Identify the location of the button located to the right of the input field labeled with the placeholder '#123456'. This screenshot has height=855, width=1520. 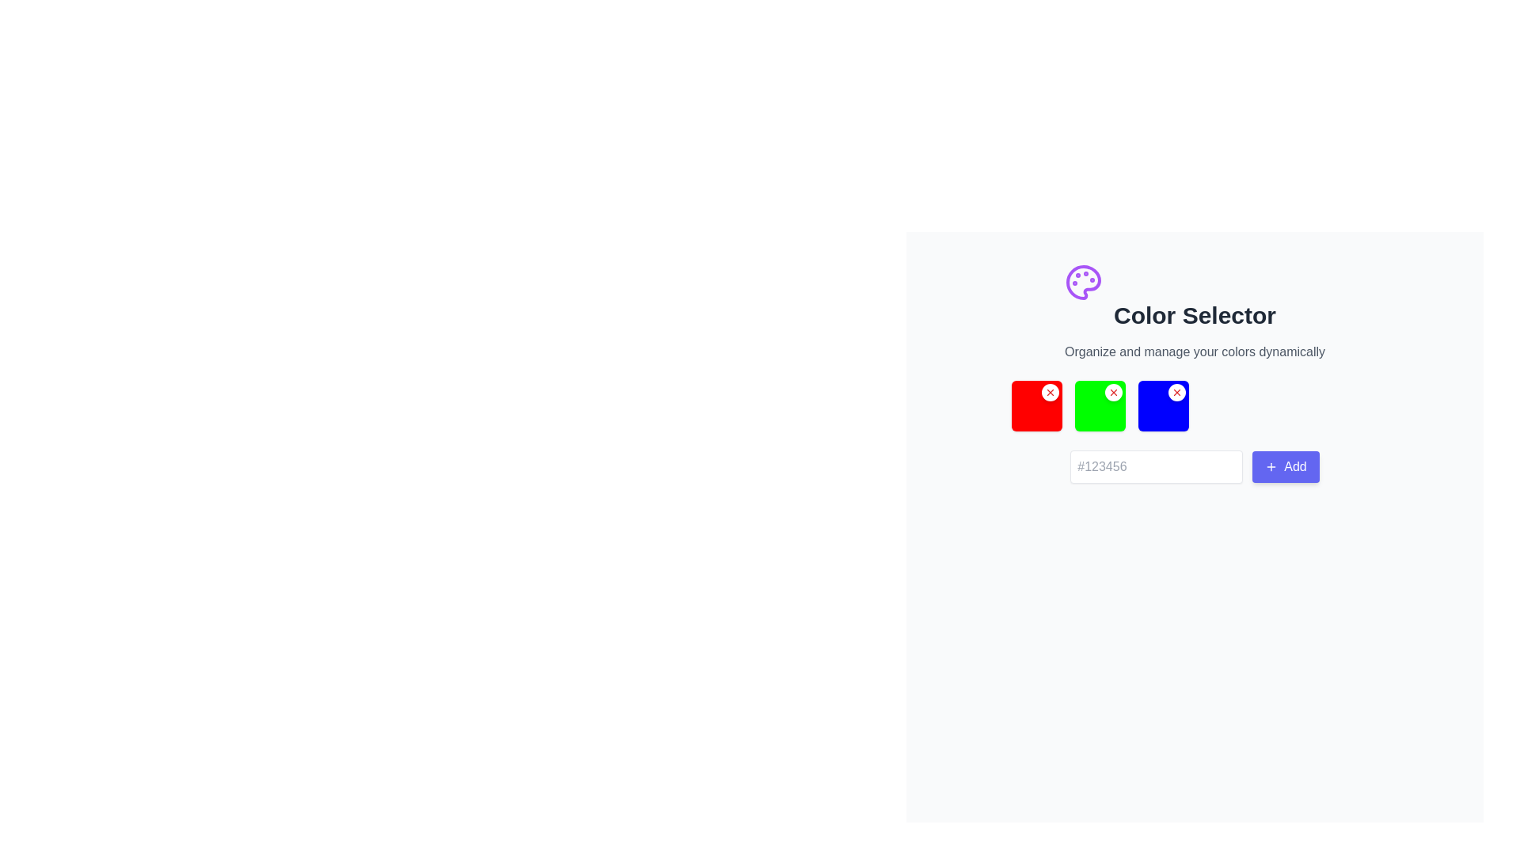
(1286, 466).